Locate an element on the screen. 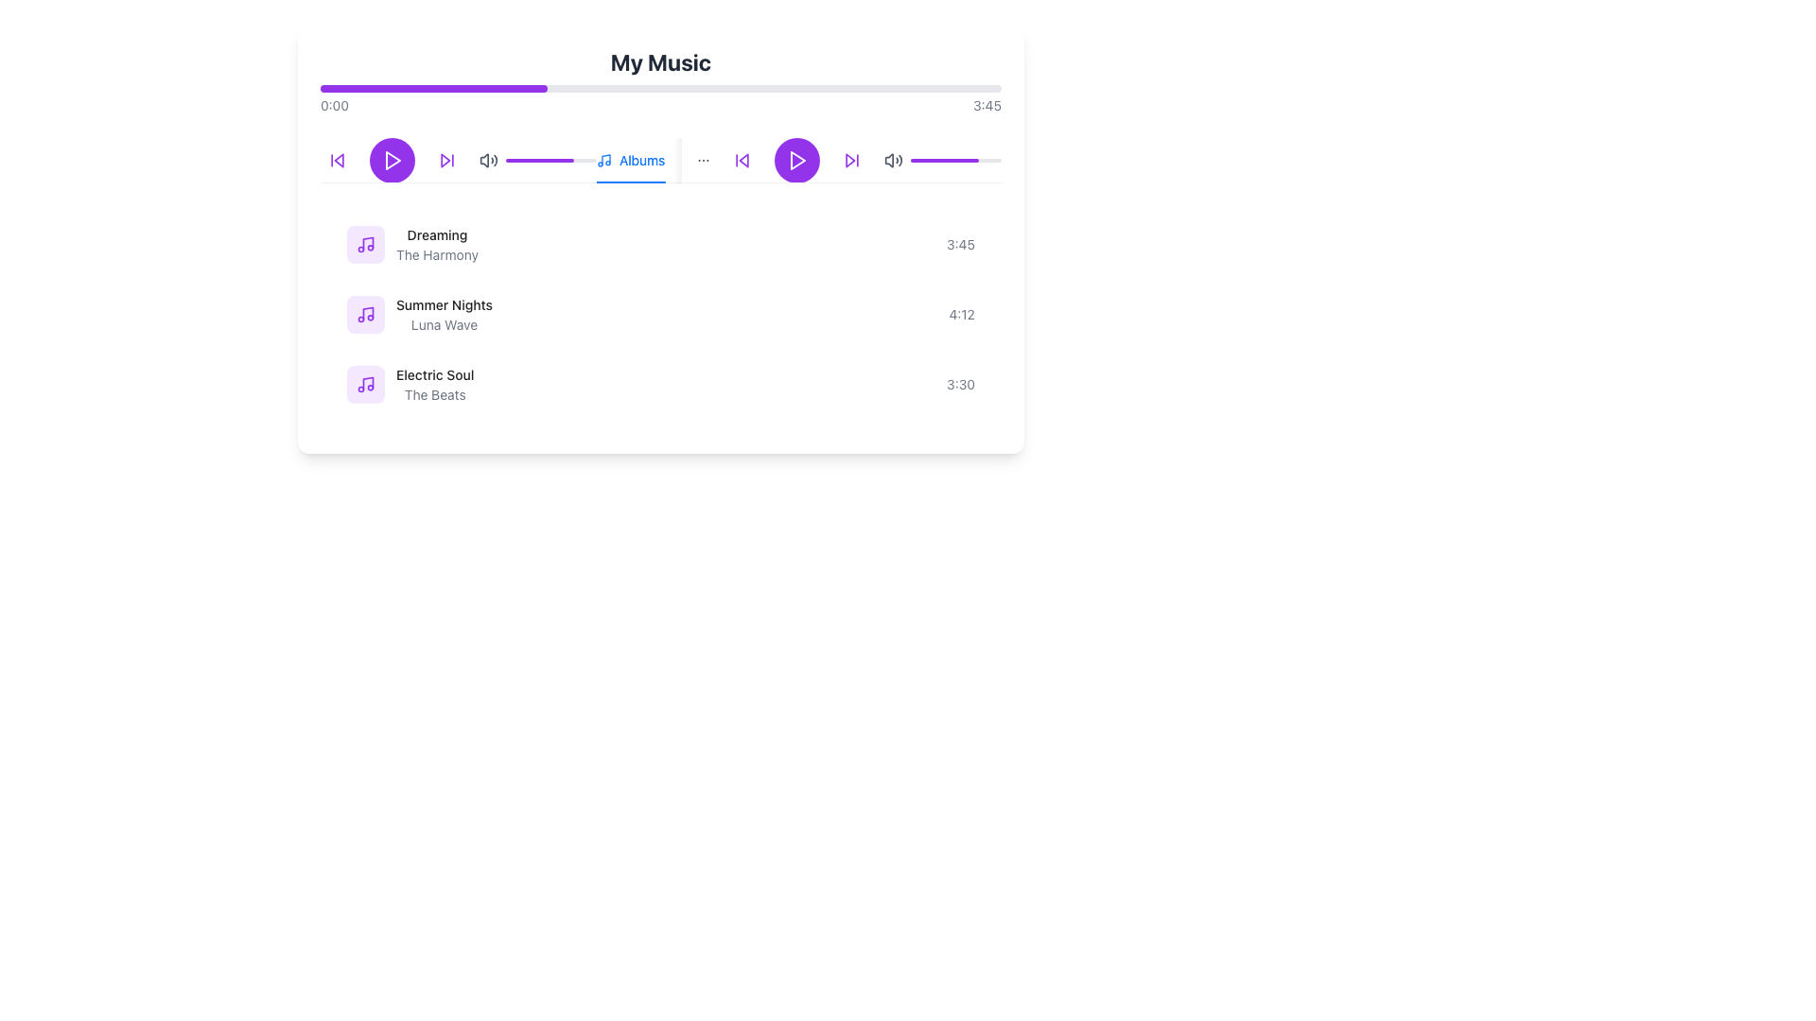 The image size is (1816, 1021). playback position is located at coordinates (510, 159).